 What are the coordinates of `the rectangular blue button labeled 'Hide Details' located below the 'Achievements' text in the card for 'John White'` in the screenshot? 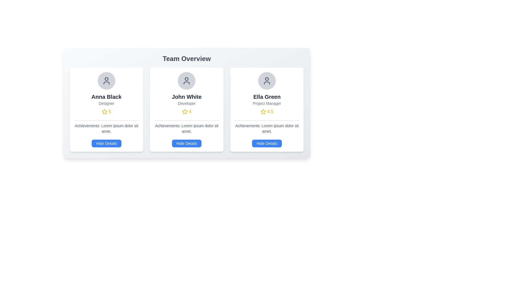 It's located at (187, 143).